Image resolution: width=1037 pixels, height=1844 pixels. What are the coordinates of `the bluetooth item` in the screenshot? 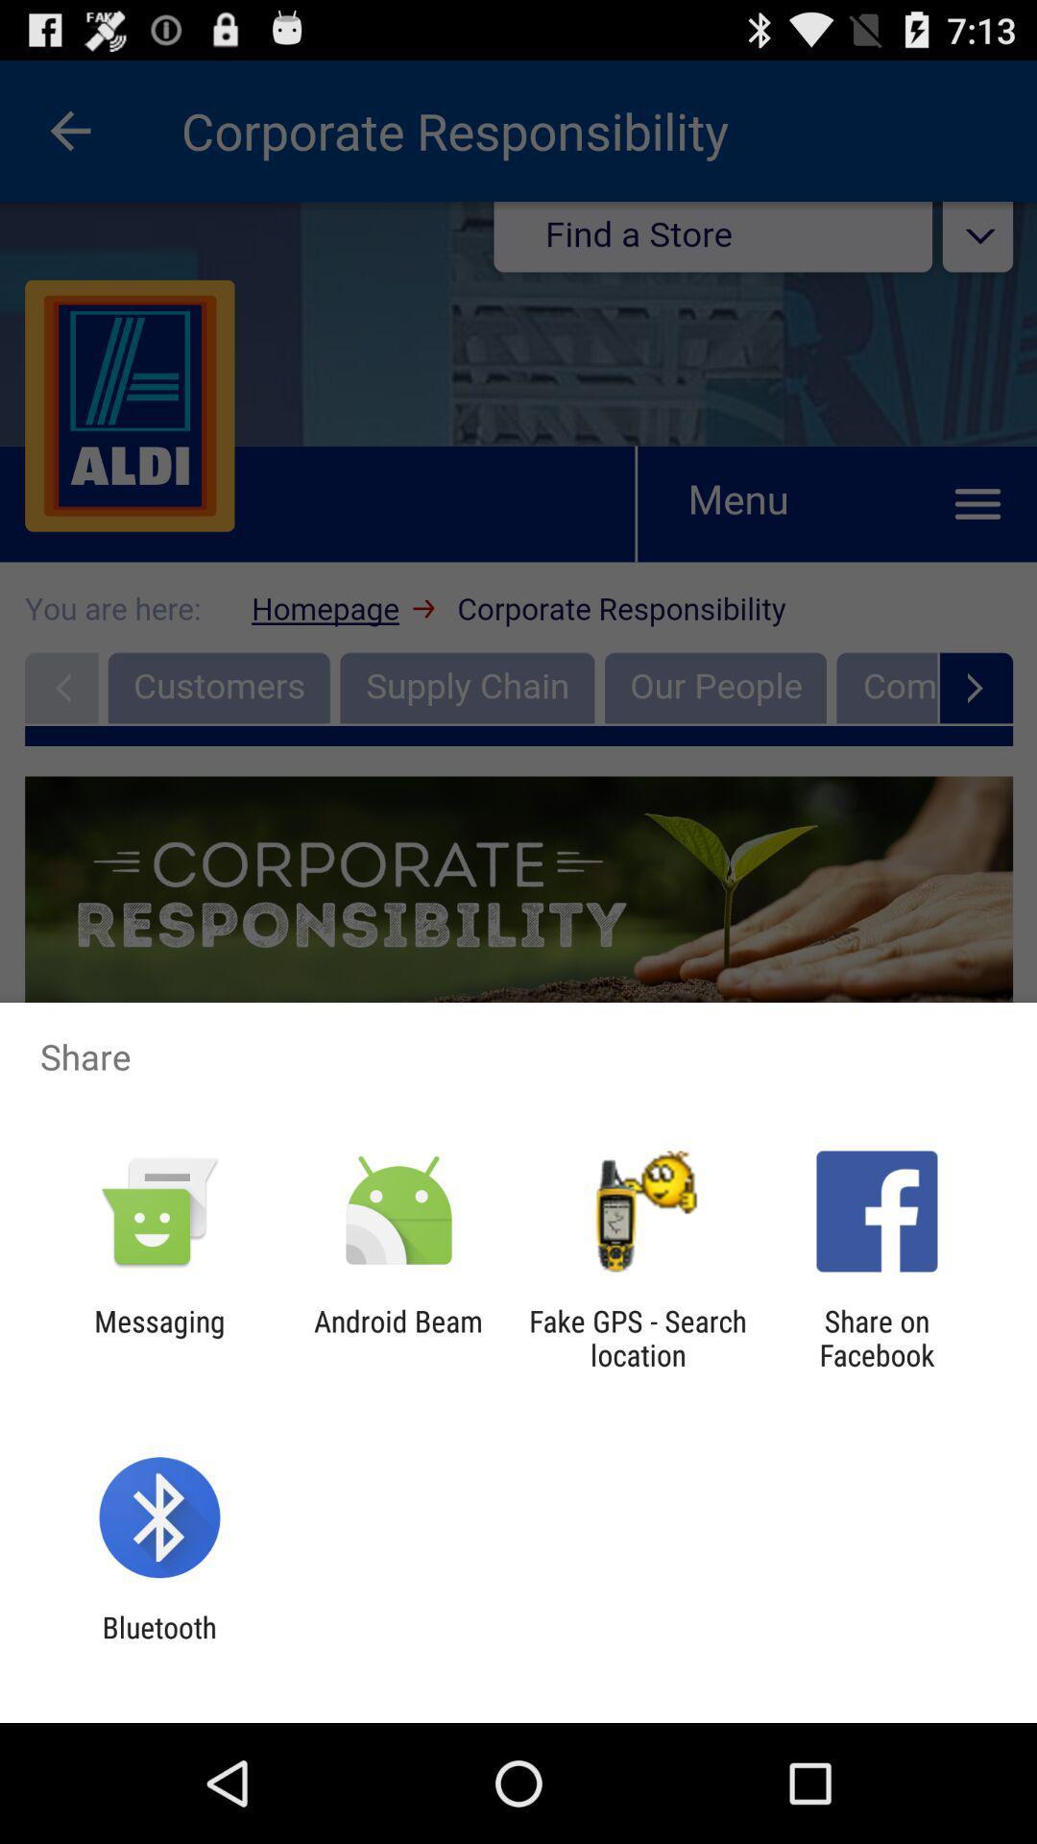 It's located at (158, 1643).